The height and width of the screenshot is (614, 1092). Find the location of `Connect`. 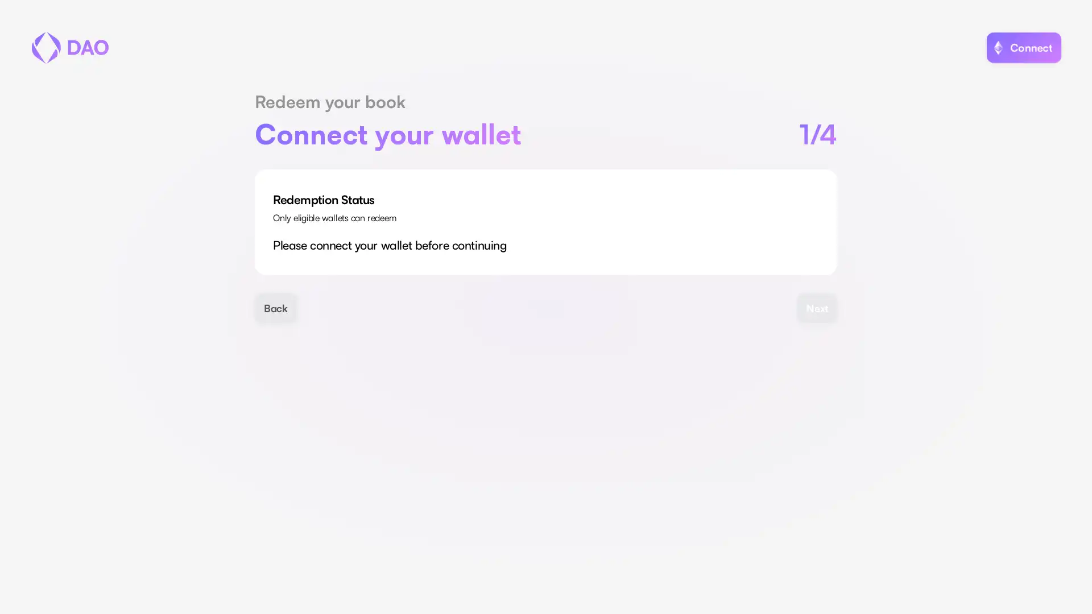

Connect is located at coordinates (1024, 47).